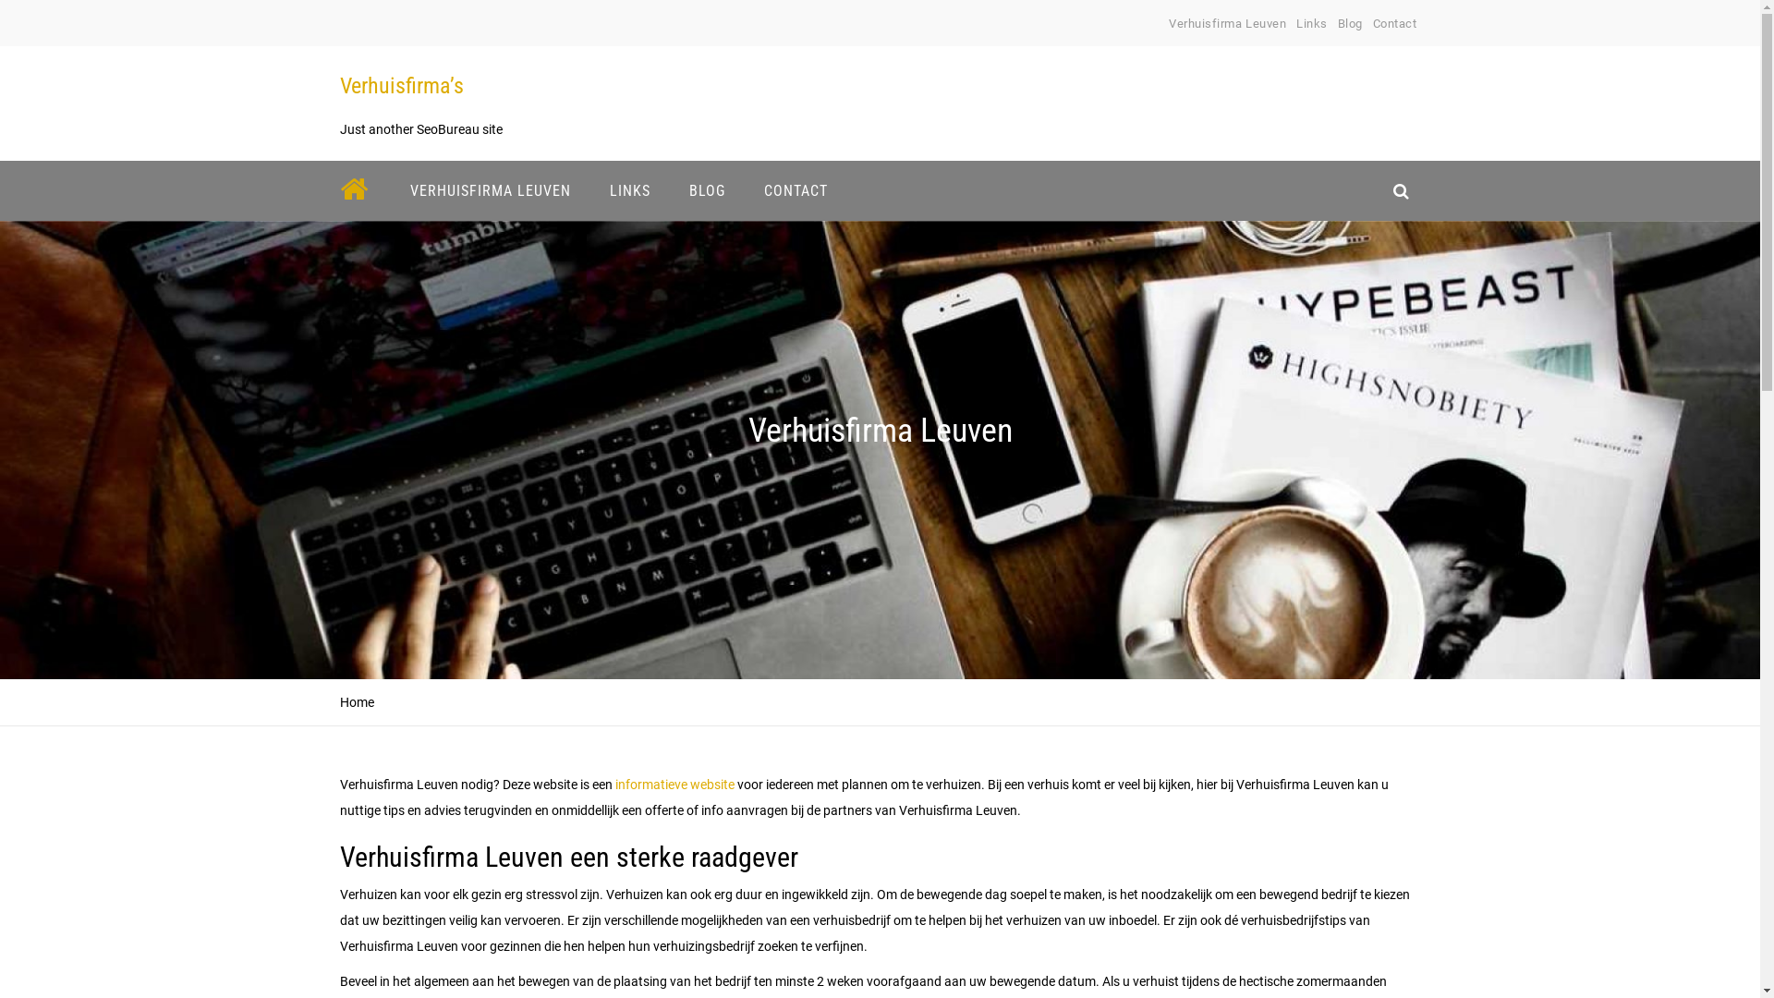  What do you see at coordinates (1311, 23) in the screenshot?
I see `'Links'` at bounding box center [1311, 23].